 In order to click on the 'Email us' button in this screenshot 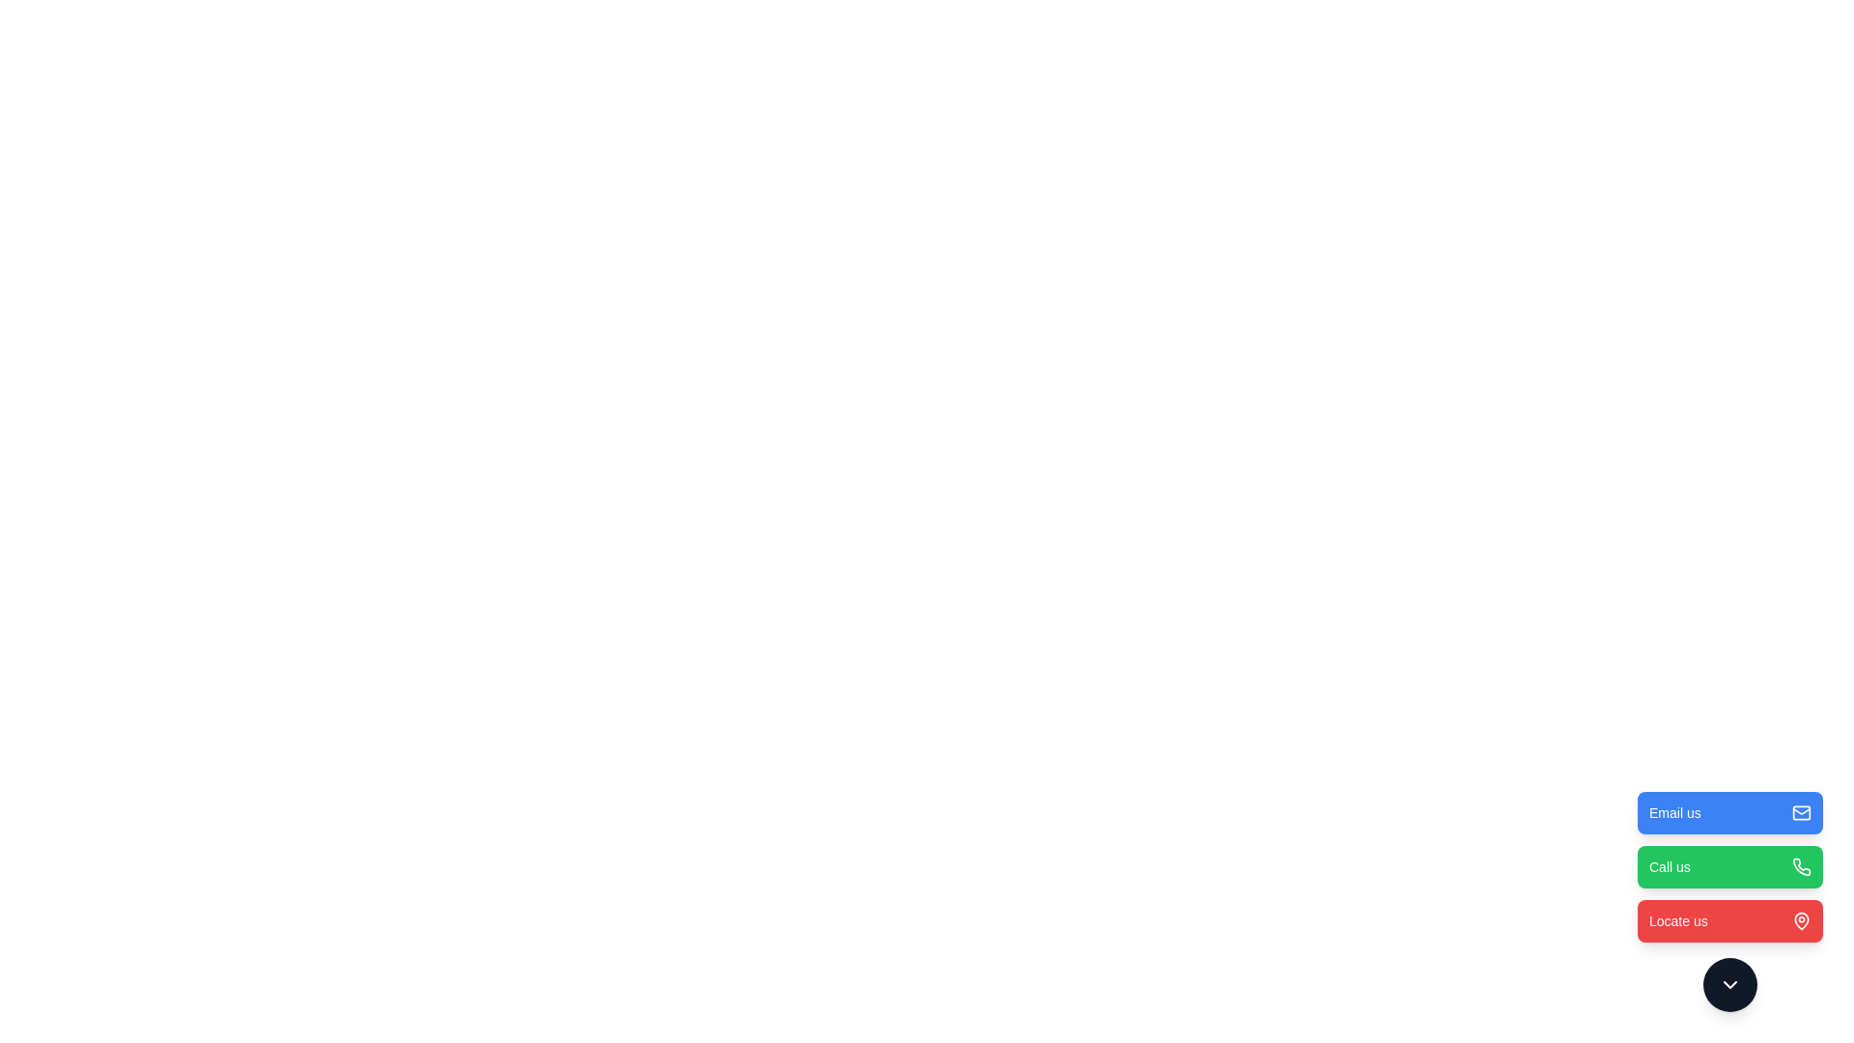, I will do `click(1729, 812)`.